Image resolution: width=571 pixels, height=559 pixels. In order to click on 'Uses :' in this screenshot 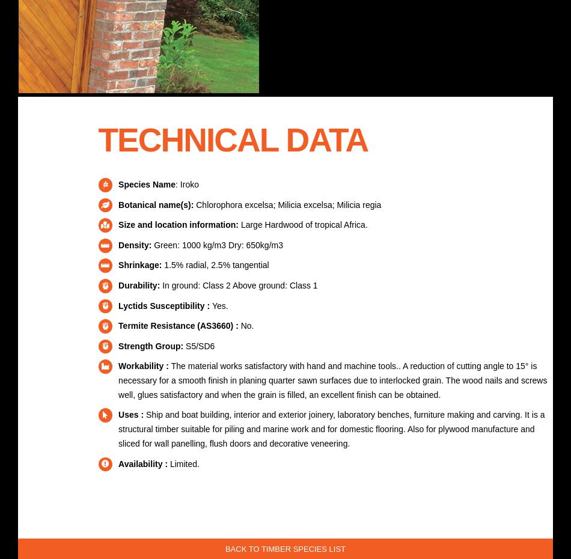, I will do `click(132, 414)`.